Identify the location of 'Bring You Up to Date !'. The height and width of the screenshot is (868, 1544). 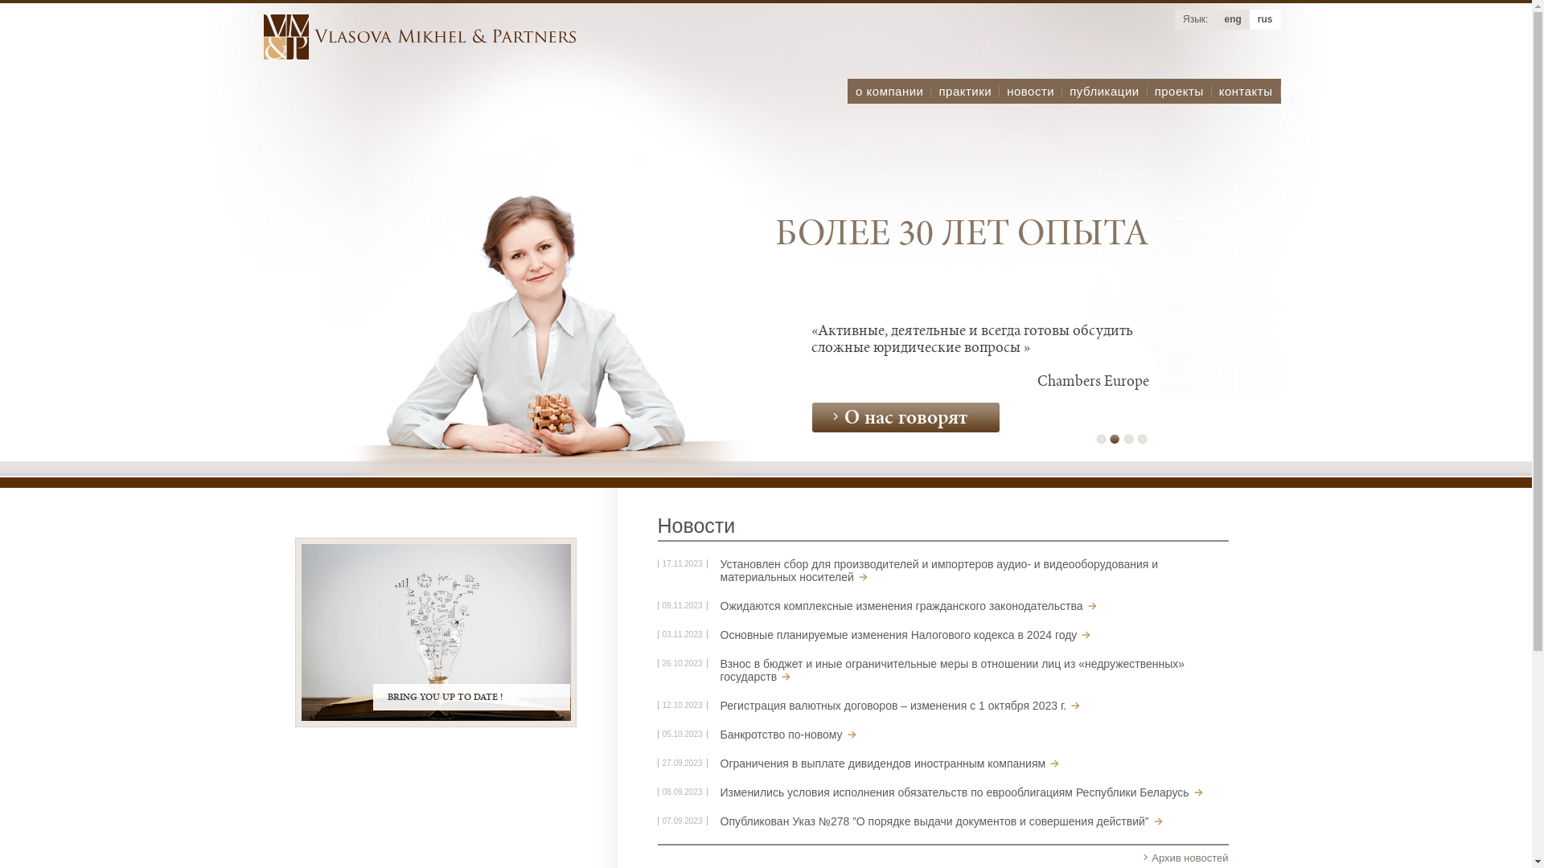
(435, 631).